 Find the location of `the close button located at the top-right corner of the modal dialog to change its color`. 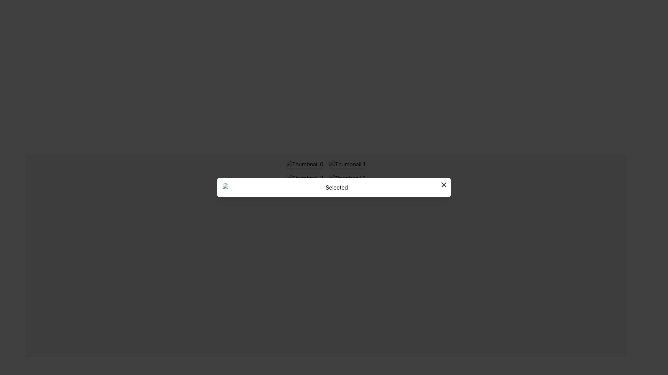

the close button located at the top-right corner of the modal dialog to change its color is located at coordinates (444, 184).